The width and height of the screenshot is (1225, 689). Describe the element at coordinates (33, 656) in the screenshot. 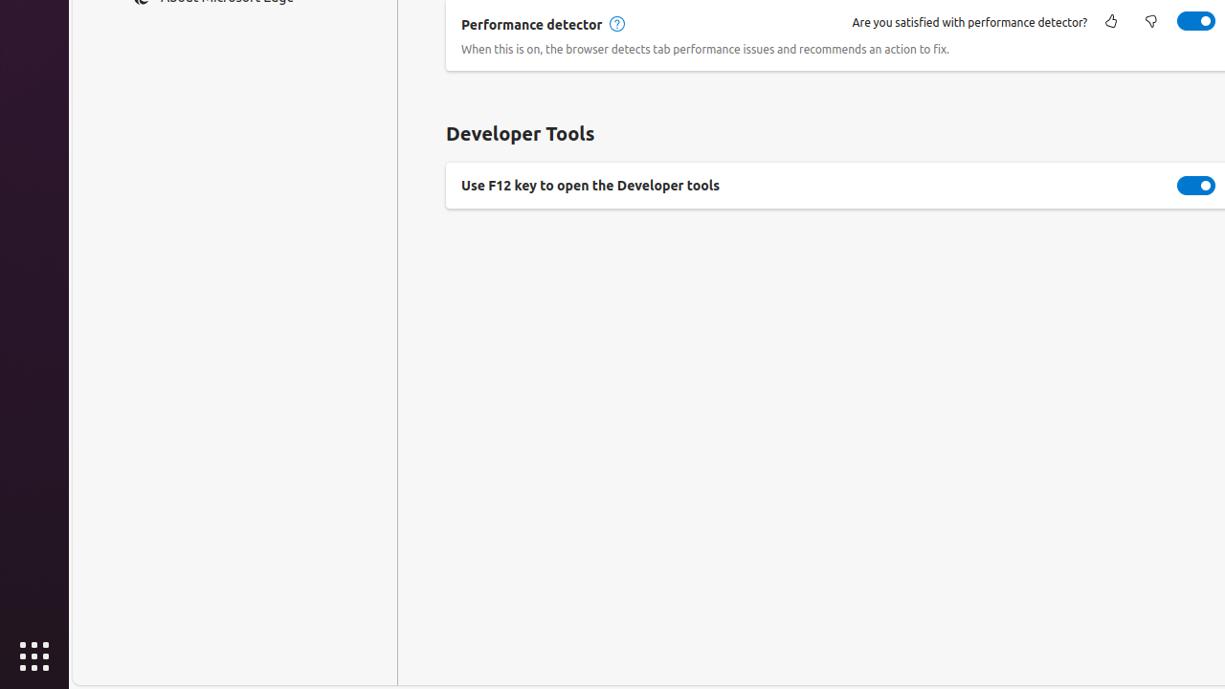

I see `'Show Applications'` at that location.